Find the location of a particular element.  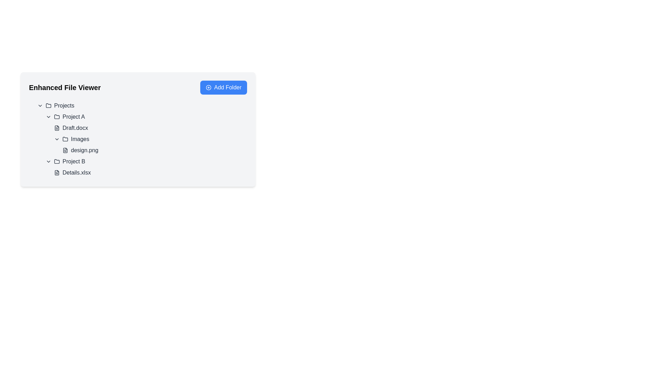

the file icon located to the left of the label 'Details.xlsx' under 'Project B' is located at coordinates (57, 172).